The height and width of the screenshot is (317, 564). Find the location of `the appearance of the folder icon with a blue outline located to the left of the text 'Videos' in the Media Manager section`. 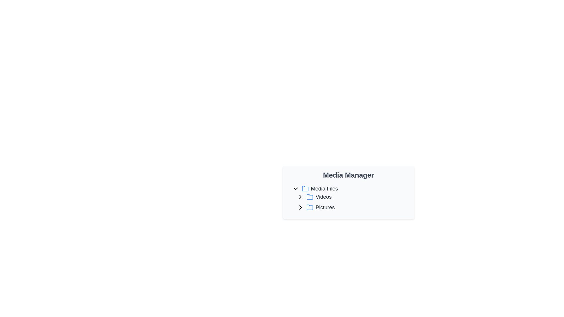

the appearance of the folder icon with a blue outline located to the left of the text 'Videos' in the Media Manager section is located at coordinates (309, 197).